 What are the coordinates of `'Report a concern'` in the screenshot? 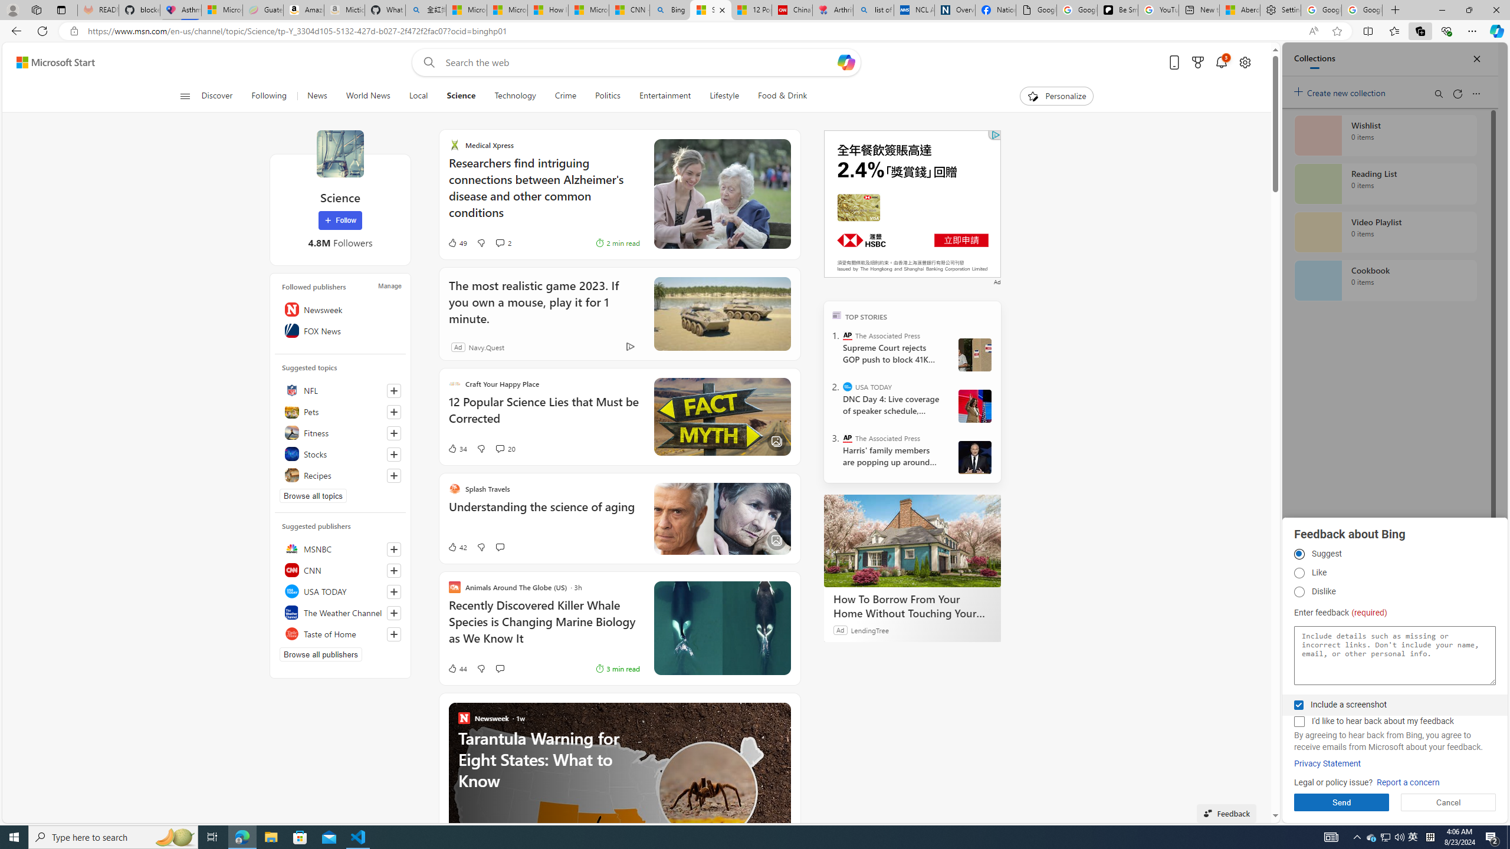 It's located at (1409, 782).